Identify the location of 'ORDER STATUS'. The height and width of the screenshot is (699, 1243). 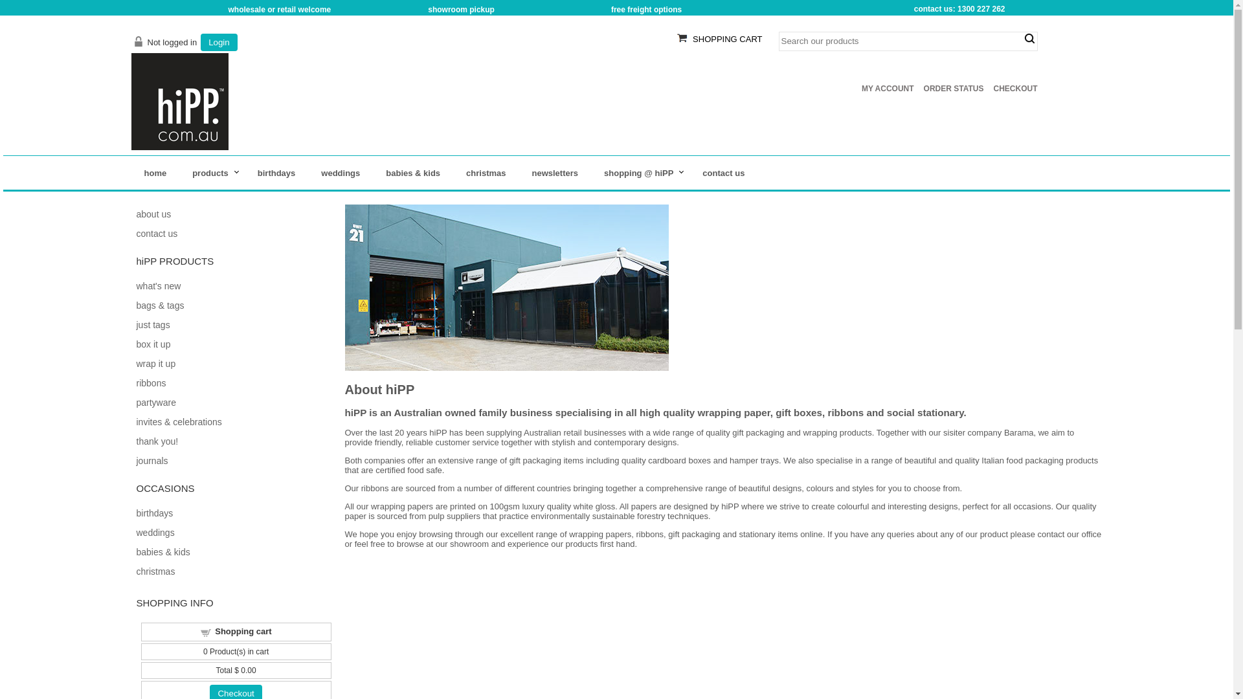
(954, 88).